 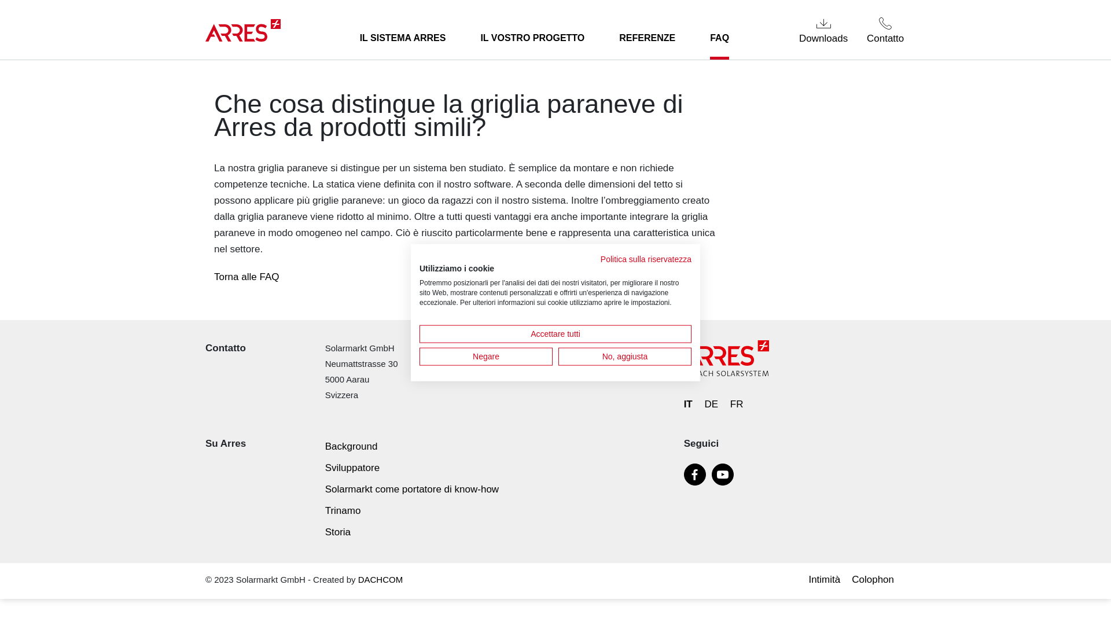 I want to click on 'IT', so click(x=688, y=403).